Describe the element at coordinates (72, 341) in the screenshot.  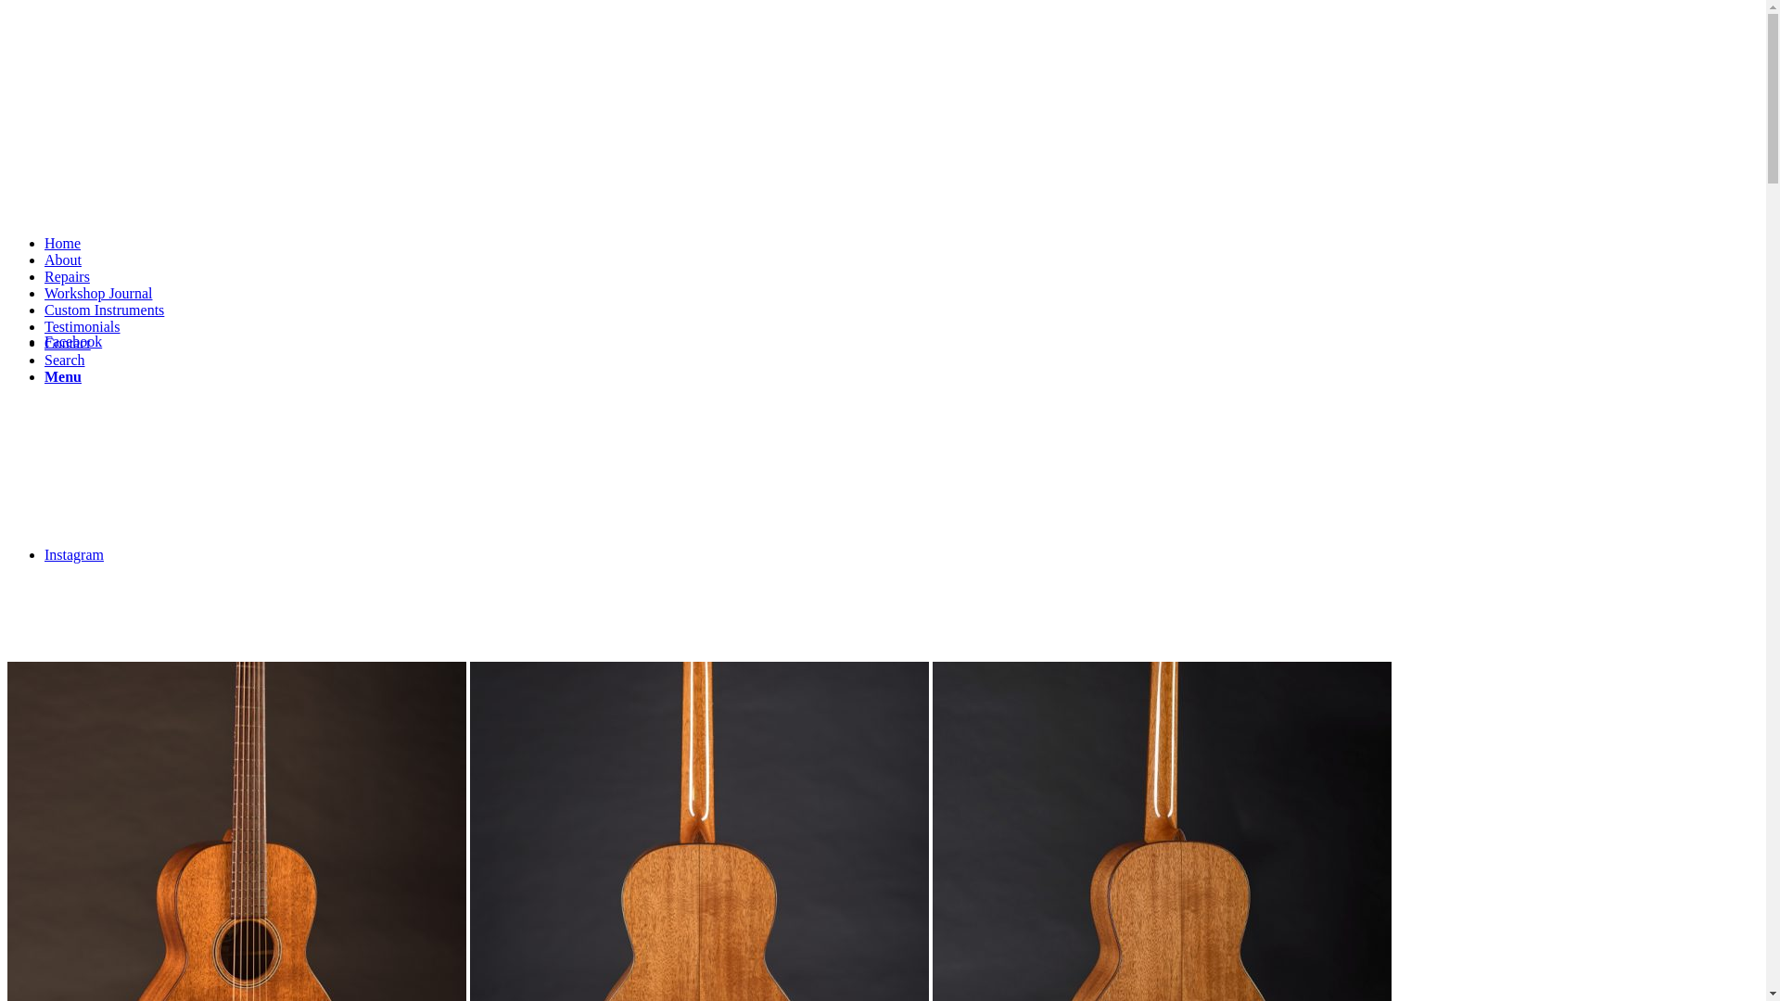
I see `'Facebook'` at that location.